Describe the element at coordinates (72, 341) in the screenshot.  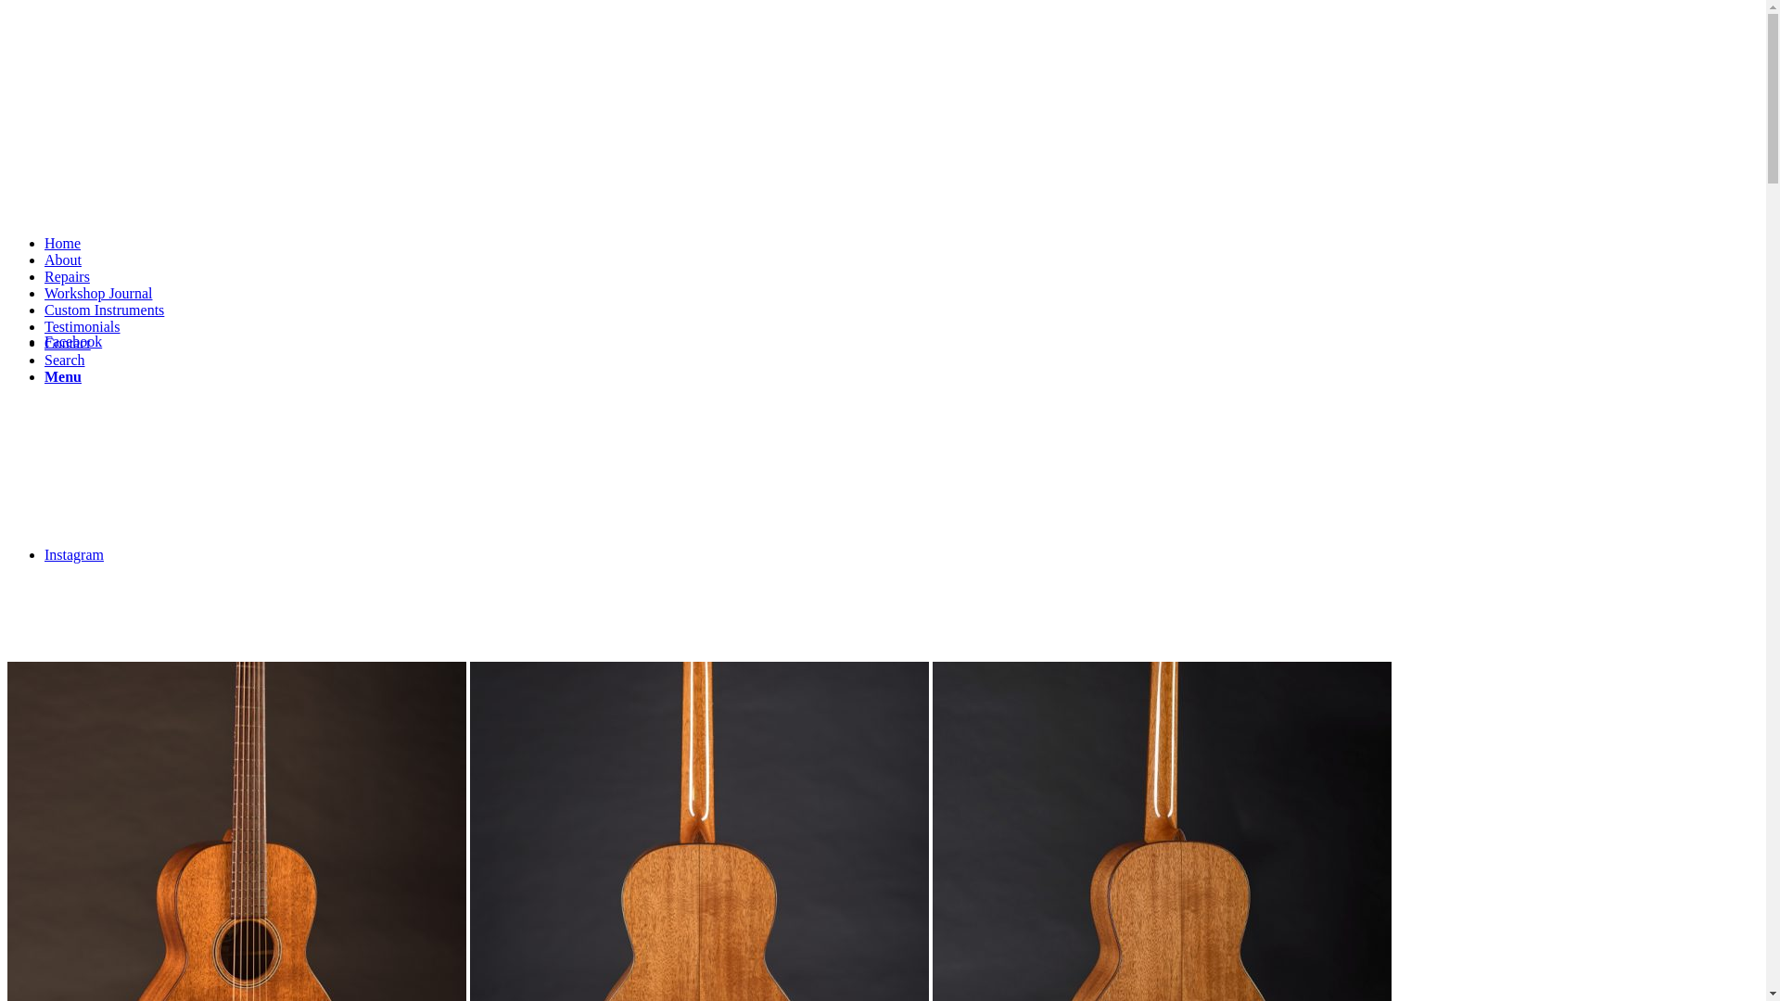
I see `'Facebook'` at that location.